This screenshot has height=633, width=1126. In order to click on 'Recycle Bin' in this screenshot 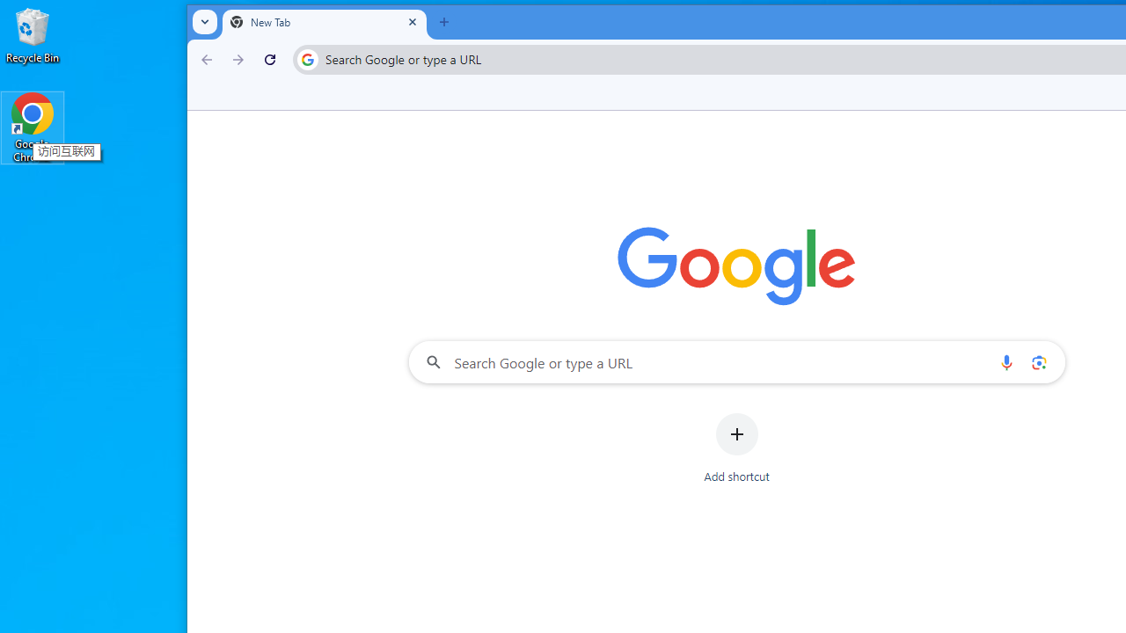, I will do `click(33, 34)`.